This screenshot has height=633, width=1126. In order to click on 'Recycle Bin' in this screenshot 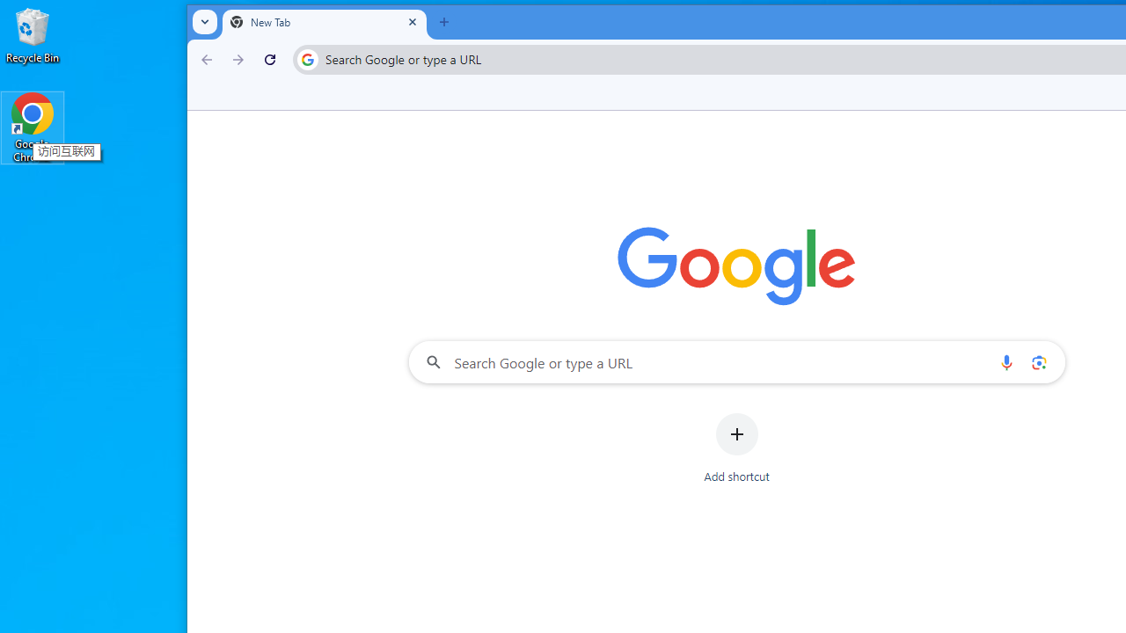, I will do `click(33, 34)`.